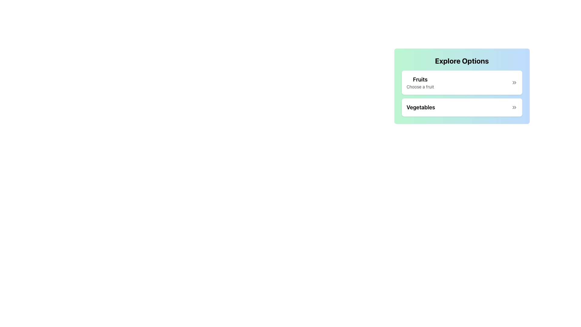 The width and height of the screenshot is (581, 327). I want to click on the double chevron icon on the right side of the 'Vegetables' box, so click(514, 107).